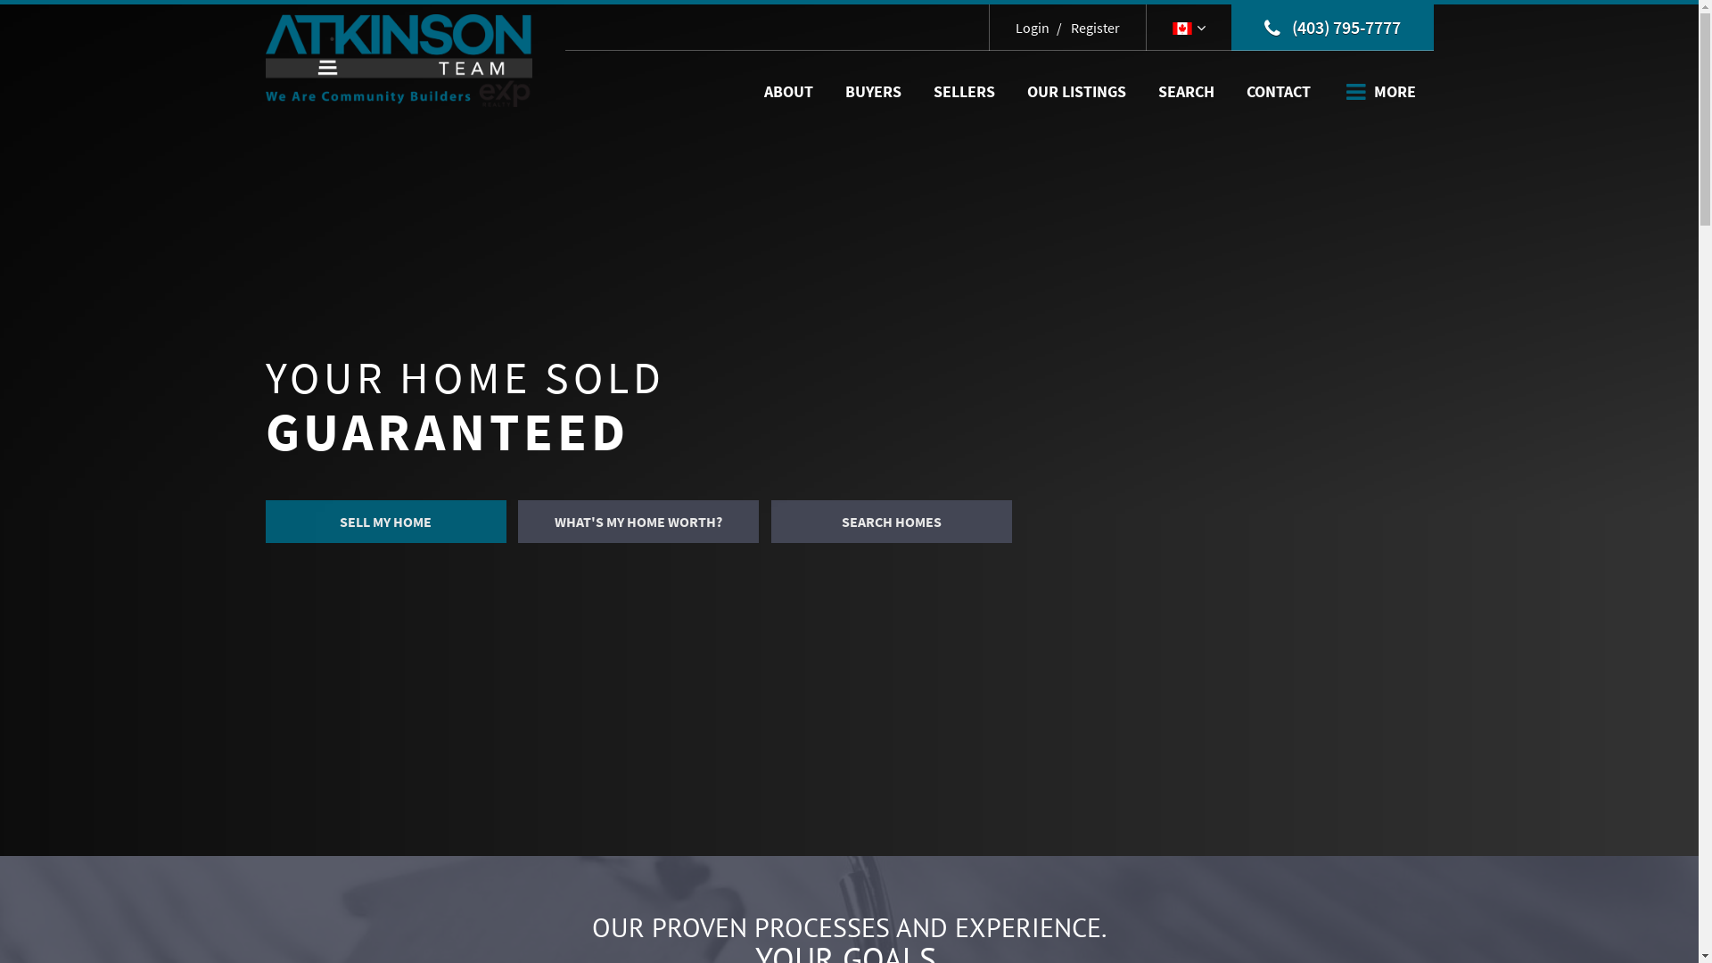 The width and height of the screenshot is (1712, 963). I want to click on 'SEARCH HOMES', so click(891, 522).